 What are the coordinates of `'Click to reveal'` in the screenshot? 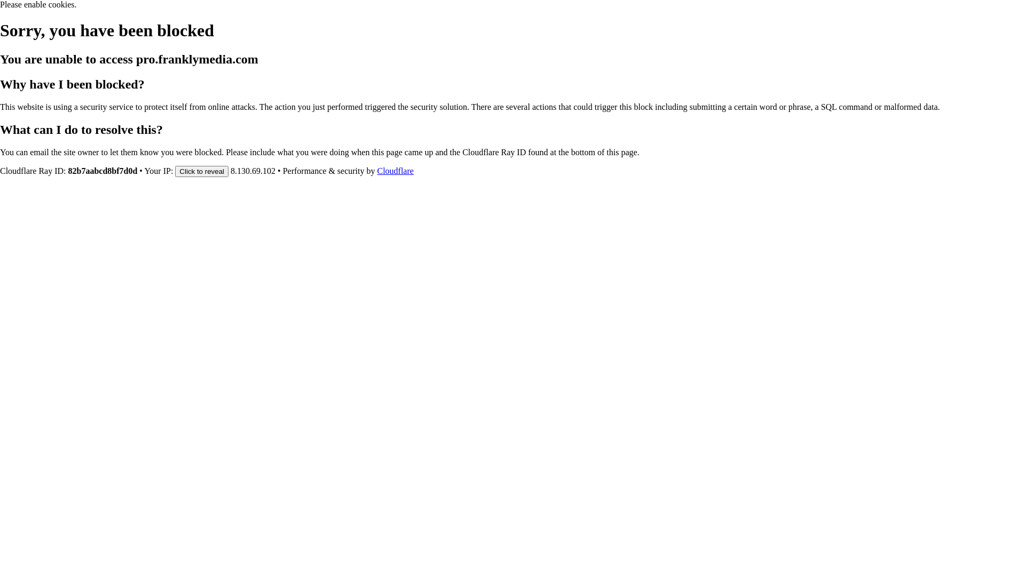 It's located at (202, 170).